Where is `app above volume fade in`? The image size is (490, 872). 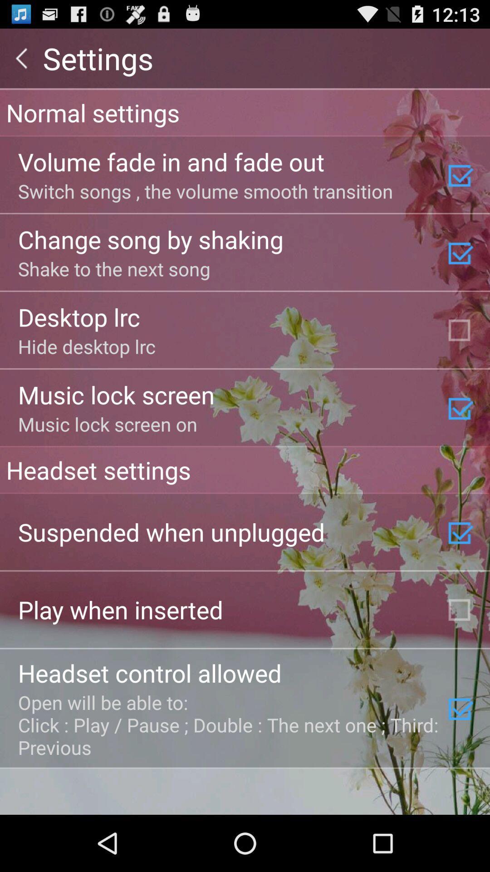
app above volume fade in is located at coordinates (245, 112).